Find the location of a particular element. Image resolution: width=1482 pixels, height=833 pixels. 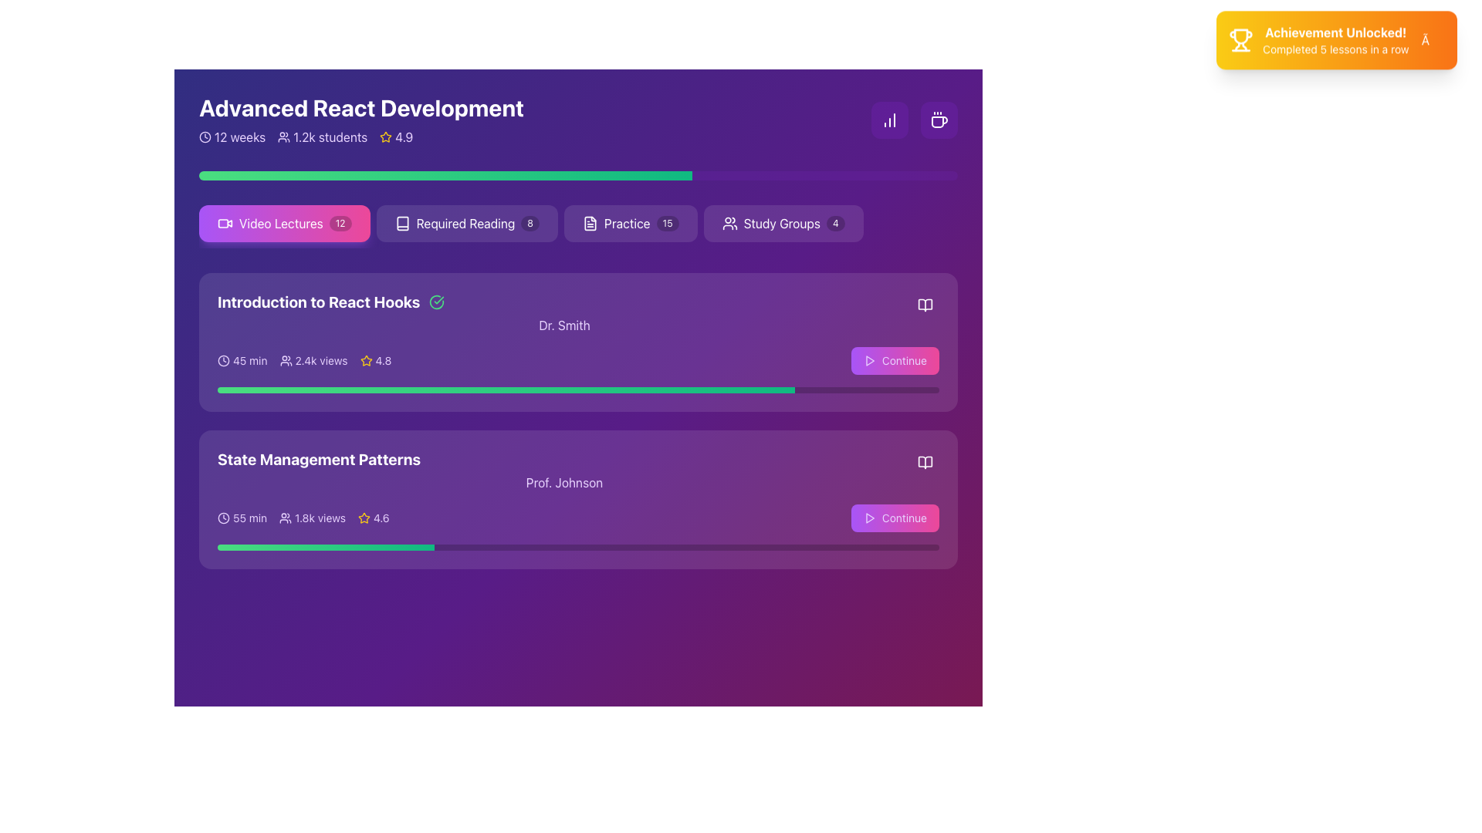

text label 'Continue' within the button that has a gradient background and a rounded rectangle border, located in the top section of the second content block on the right-hand side is located at coordinates (904, 360).